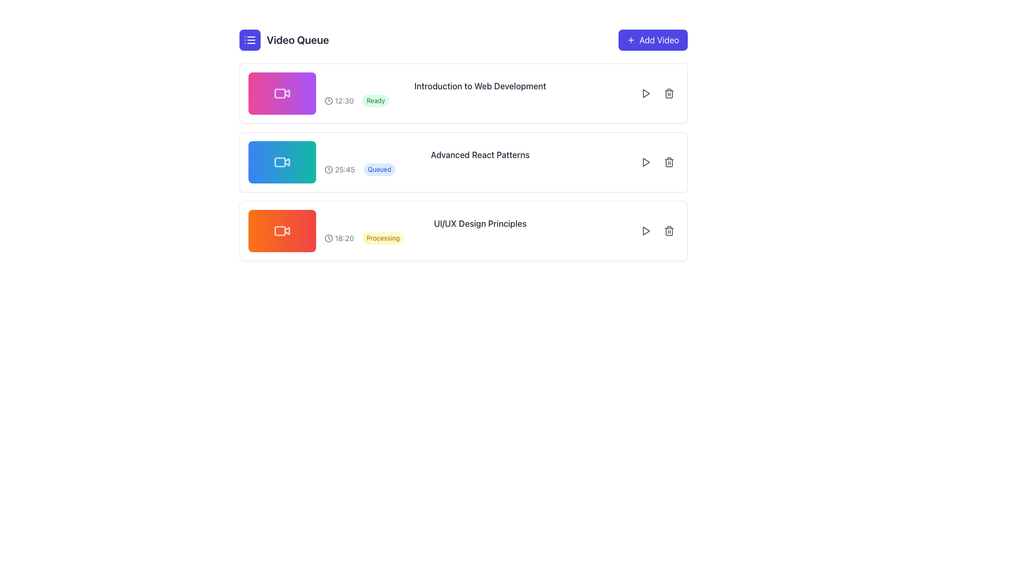 This screenshot has width=1015, height=571. Describe the element at coordinates (631, 40) in the screenshot. I see `the plus sign icon located within the 'Add Video' button, which has a blue background and white text, positioned towards the top-right corner of the interface` at that location.